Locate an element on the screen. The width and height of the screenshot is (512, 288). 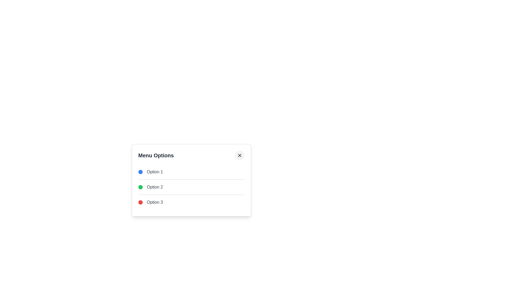
the second diagonal line of the 'X' icon in the top-right corner of the 'Menu Options' dialog box is located at coordinates (239, 155).